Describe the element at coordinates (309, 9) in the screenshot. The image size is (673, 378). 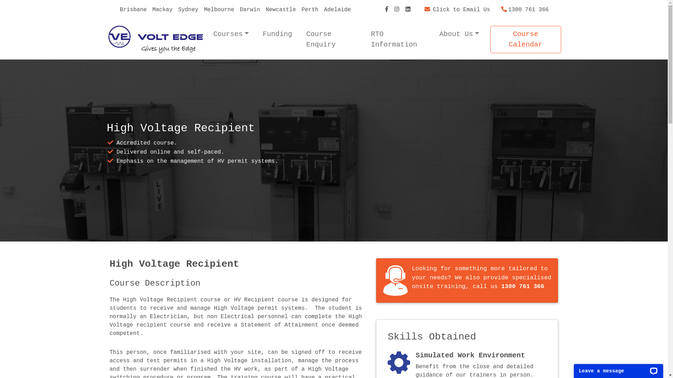
I see `'Perth'` at that location.